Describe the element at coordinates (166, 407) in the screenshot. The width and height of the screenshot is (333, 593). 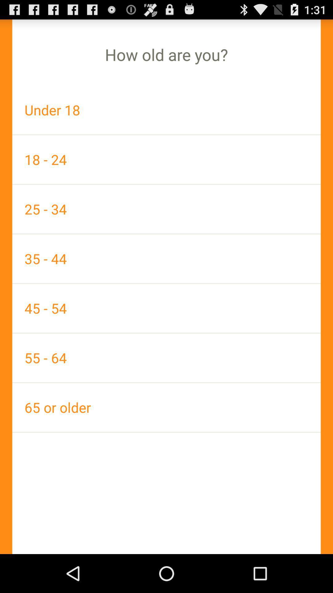
I see `the 65 or older` at that location.